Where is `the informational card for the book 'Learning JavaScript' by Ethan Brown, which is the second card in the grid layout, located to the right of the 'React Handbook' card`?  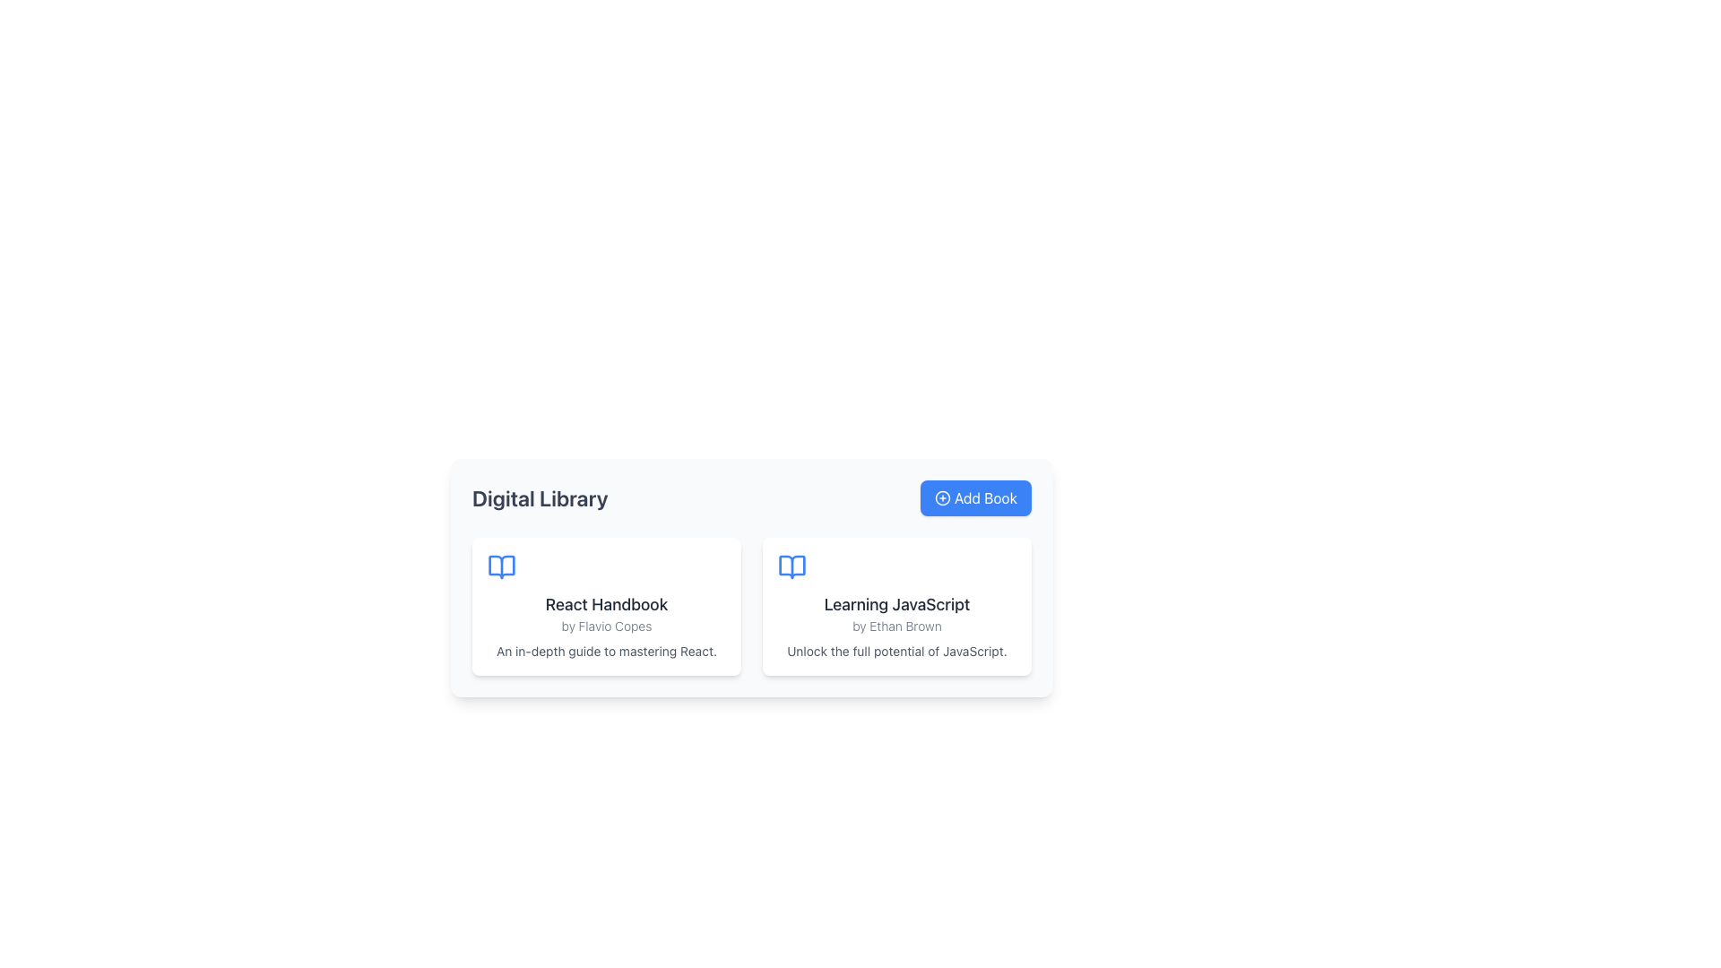 the informational card for the book 'Learning JavaScript' by Ethan Brown, which is the second card in the grid layout, located to the right of the 'React Handbook' card is located at coordinates (897, 606).